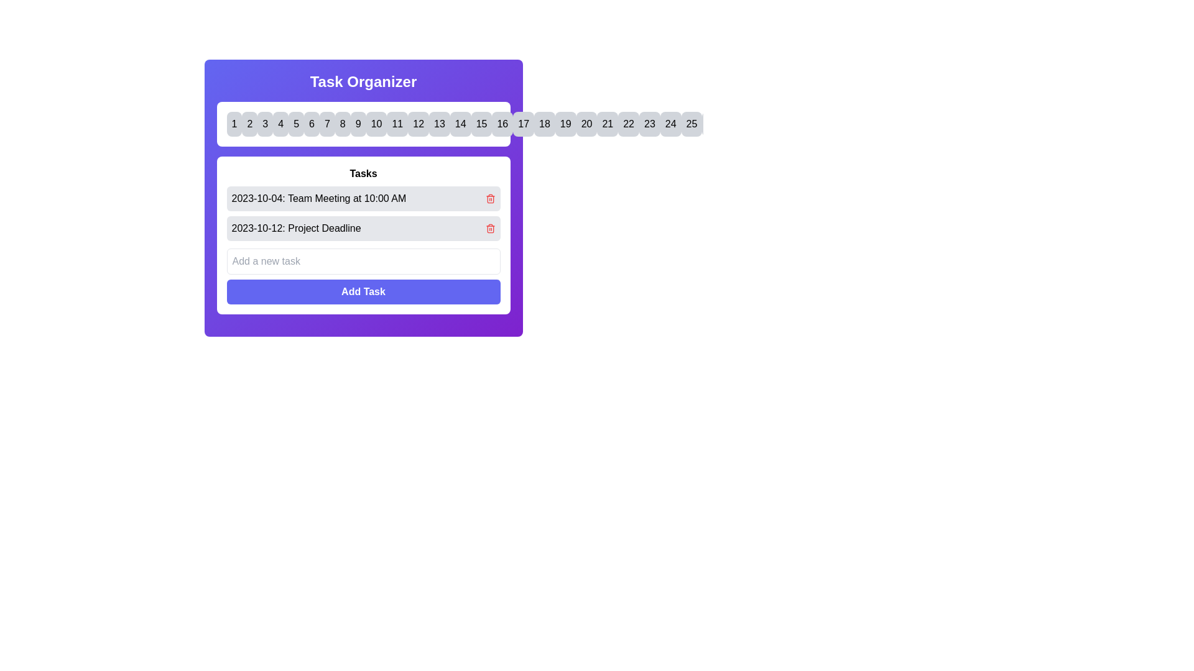  I want to click on the 18th numbered button in the horizontal list located at the top of the 'Task Organizer' section, so click(544, 124).